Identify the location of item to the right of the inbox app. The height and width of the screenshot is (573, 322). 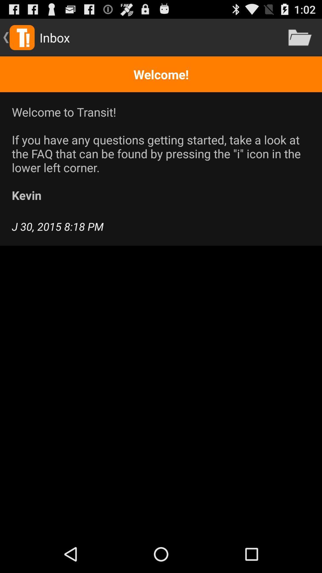
(300, 37).